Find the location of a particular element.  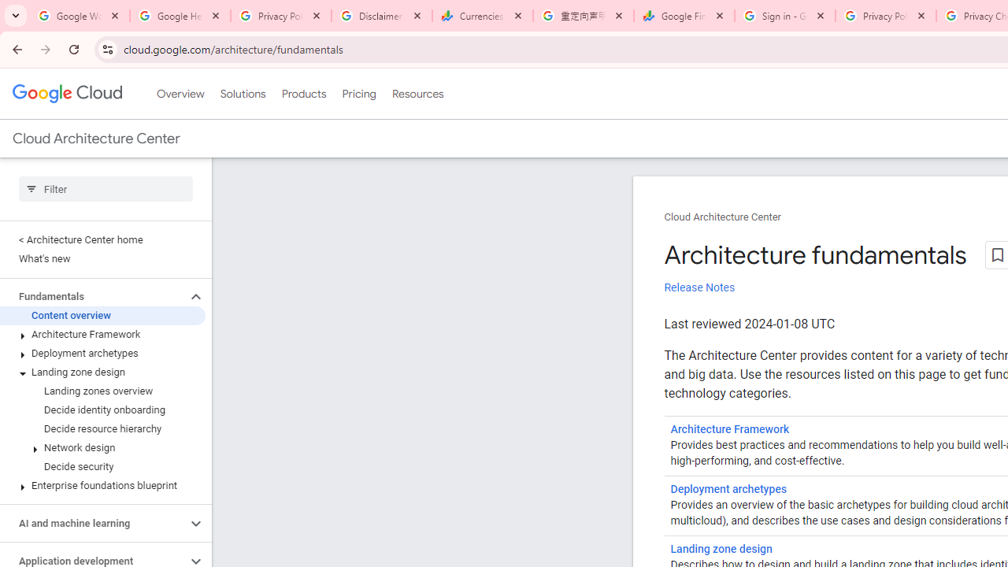

'Enterprise foundations blueprint' is located at coordinates (102, 485).